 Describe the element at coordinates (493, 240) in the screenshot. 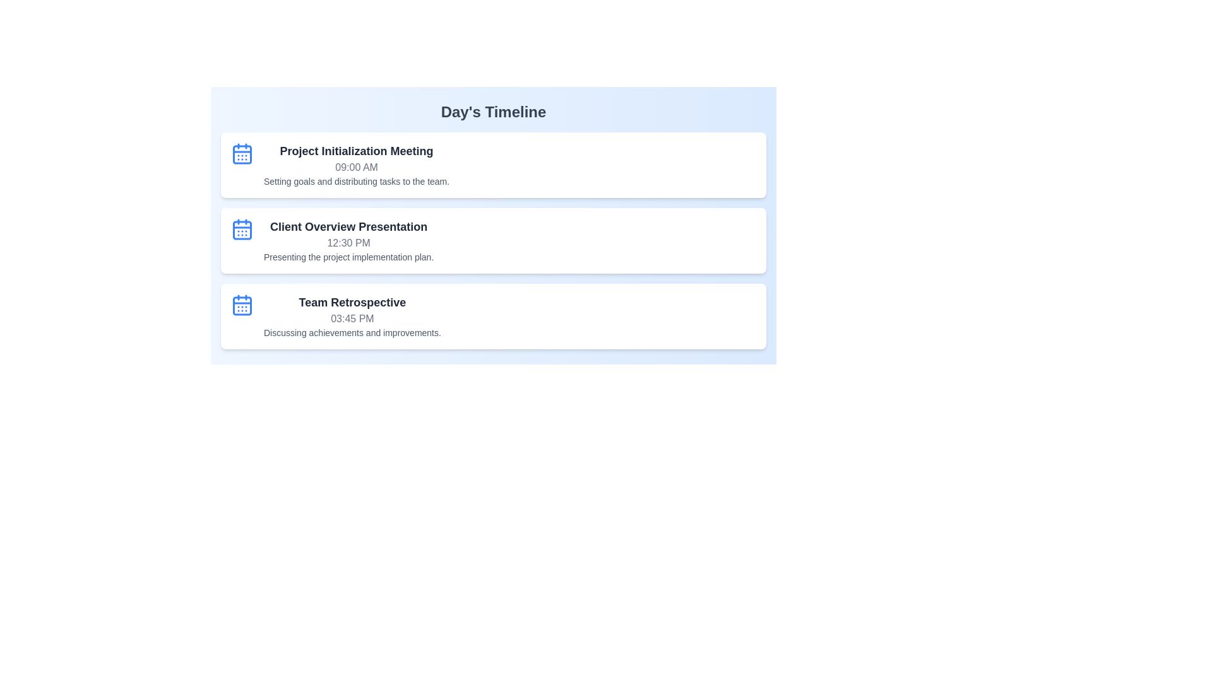

I see `the second card in the vertical list of three cards representing a timeline, which provides an overview of a scheduled event` at that location.